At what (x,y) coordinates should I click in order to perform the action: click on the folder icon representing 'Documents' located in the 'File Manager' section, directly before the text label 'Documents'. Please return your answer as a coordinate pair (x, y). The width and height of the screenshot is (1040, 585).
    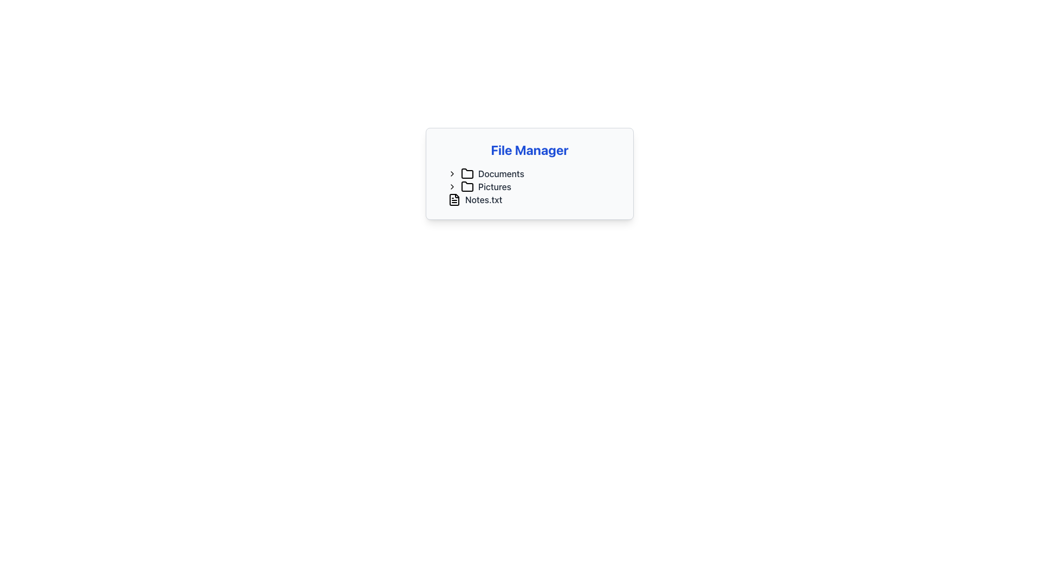
    Looking at the image, I should click on (467, 173).